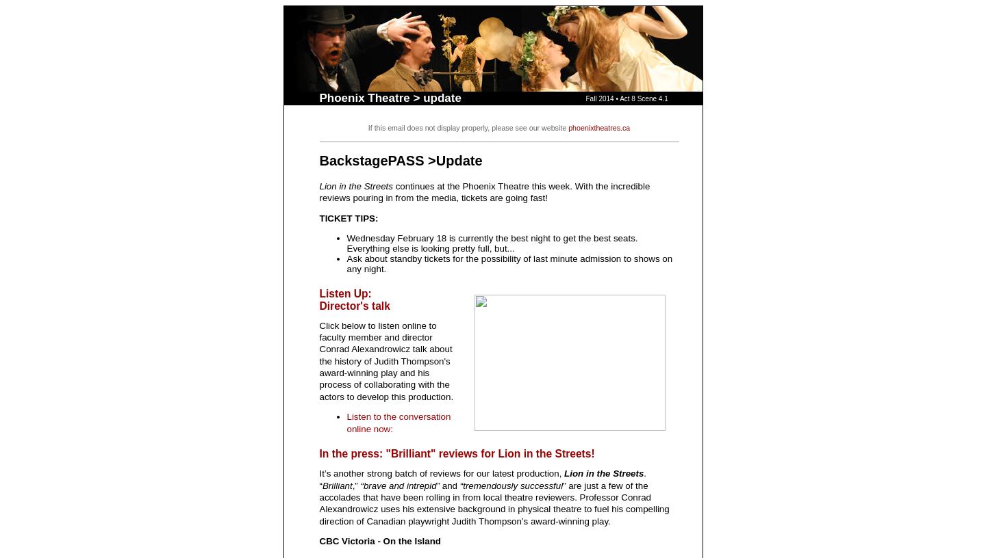 This screenshot has height=558, width=986. I want to click on 'Phoenix Theatre > update', so click(390, 98).